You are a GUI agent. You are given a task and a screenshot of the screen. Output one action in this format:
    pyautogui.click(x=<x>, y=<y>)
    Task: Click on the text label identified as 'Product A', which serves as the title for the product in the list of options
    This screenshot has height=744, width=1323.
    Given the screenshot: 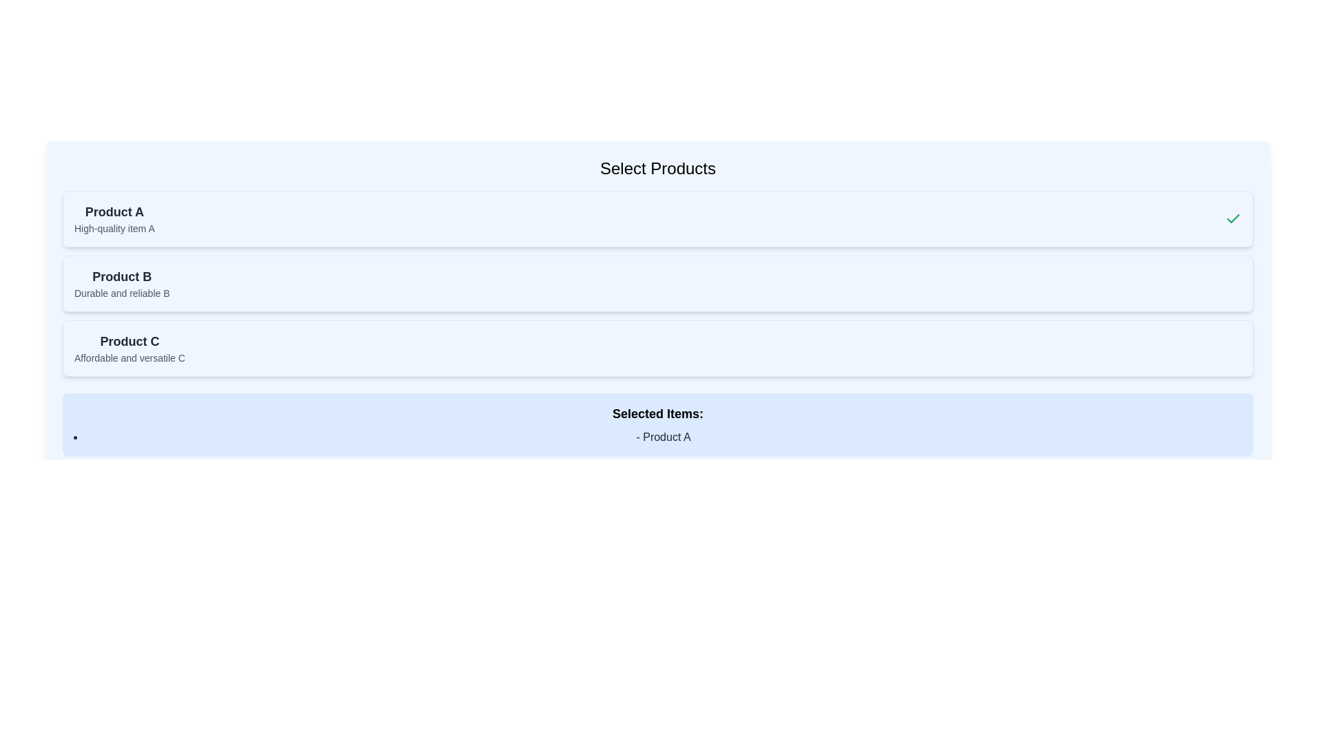 What is the action you would take?
    pyautogui.click(x=114, y=212)
    